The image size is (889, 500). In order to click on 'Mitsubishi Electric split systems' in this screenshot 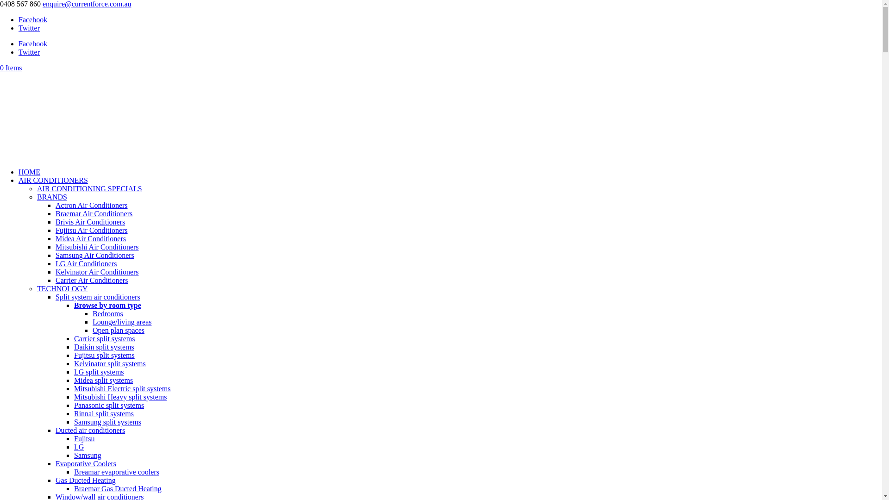, I will do `click(122, 388)`.